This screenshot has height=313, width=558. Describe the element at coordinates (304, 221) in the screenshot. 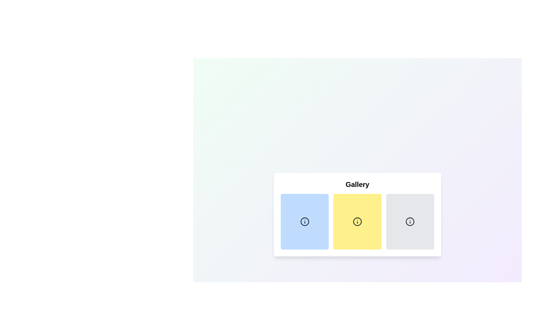

I see `the SVG Icon located in the center of the blue-colored card on the left side of the gallery layout, which indicates the availability of additional information about the card` at that location.